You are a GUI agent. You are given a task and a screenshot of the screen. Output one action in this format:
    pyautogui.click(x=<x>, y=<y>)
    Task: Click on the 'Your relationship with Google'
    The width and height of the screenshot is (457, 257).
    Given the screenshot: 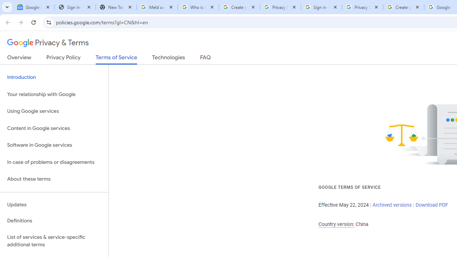 What is the action you would take?
    pyautogui.click(x=54, y=94)
    